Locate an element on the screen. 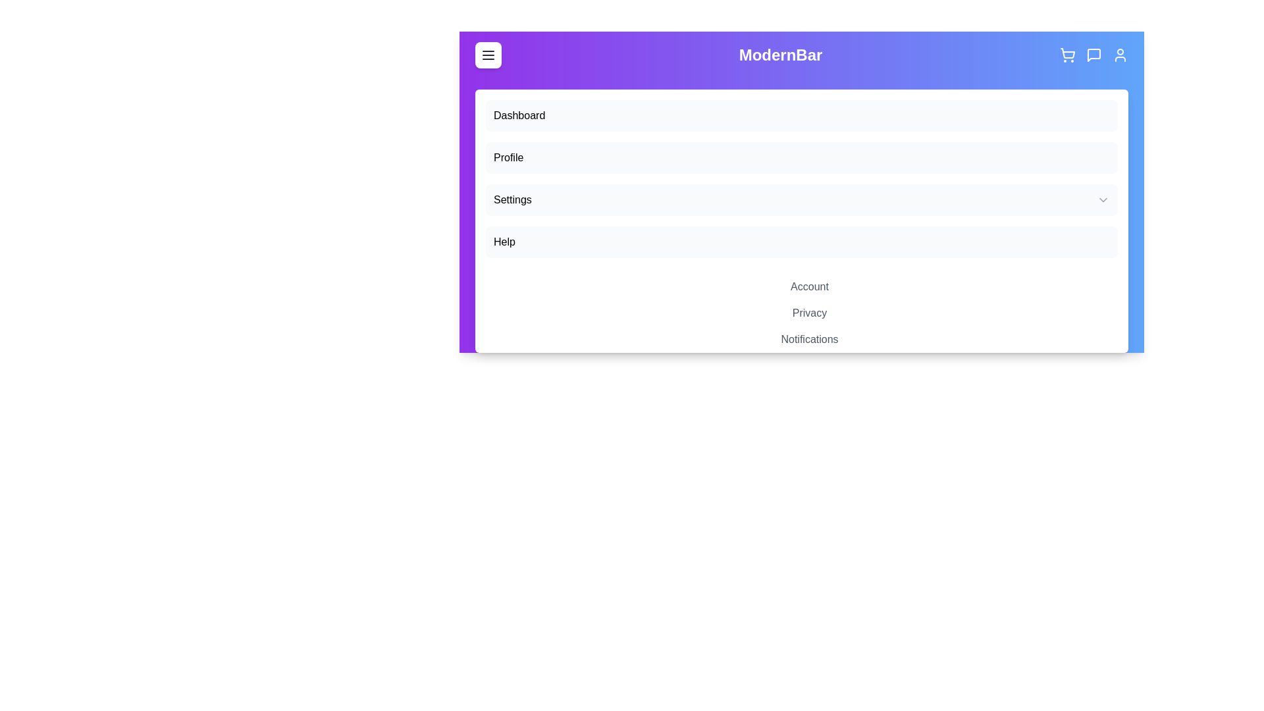  the menu item labeled 'Profile' in the navigation list is located at coordinates (801, 157).